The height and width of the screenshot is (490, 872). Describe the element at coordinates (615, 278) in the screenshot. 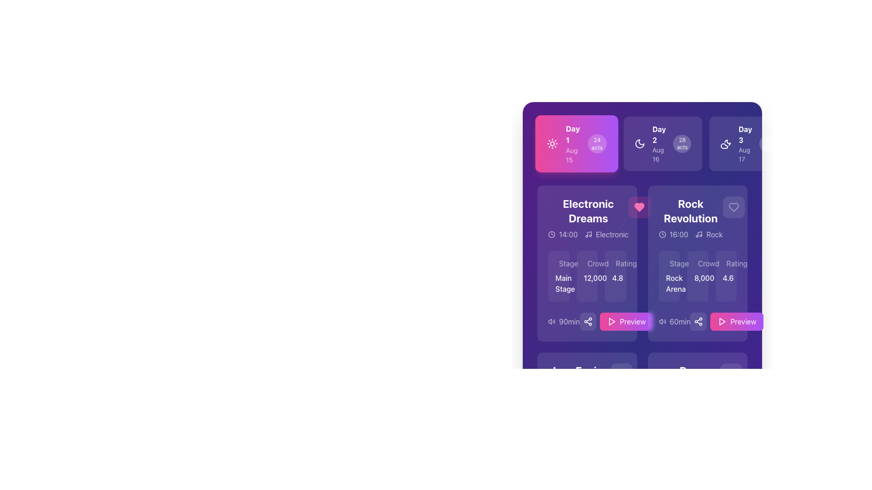

I see `the static text element displaying the numerical rating value ('4.8') located in the 'Rating' section, positioned below the 'Rating' label and near graphical star icons` at that location.